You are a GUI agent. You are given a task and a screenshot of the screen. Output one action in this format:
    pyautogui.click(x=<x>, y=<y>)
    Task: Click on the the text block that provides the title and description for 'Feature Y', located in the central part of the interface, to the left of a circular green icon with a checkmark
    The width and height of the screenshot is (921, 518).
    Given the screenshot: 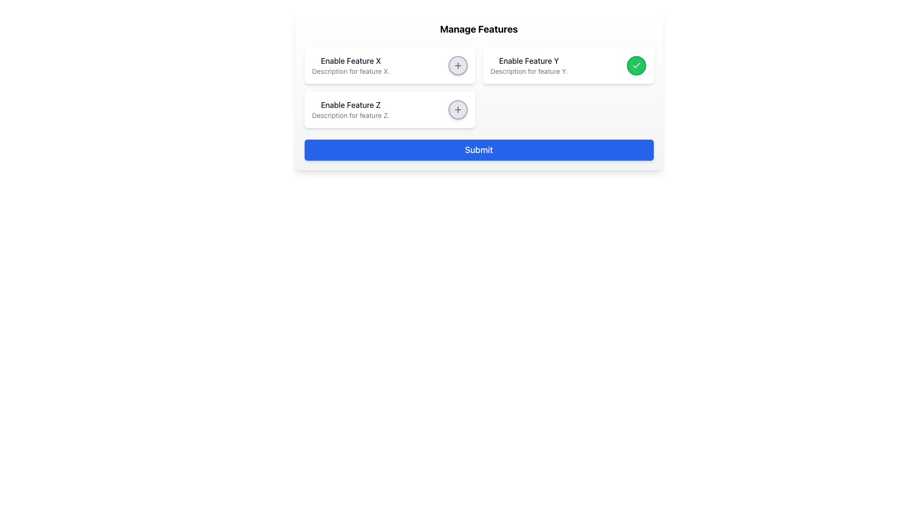 What is the action you would take?
    pyautogui.click(x=528, y=65)
    